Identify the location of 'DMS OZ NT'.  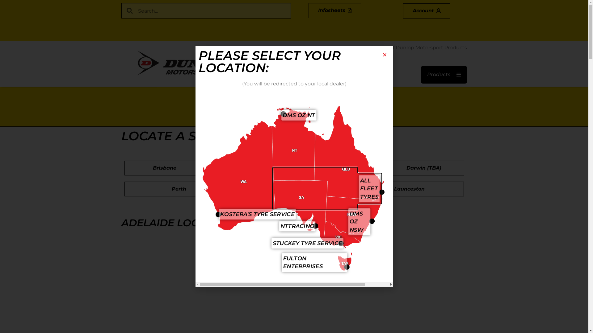
(299, 115).